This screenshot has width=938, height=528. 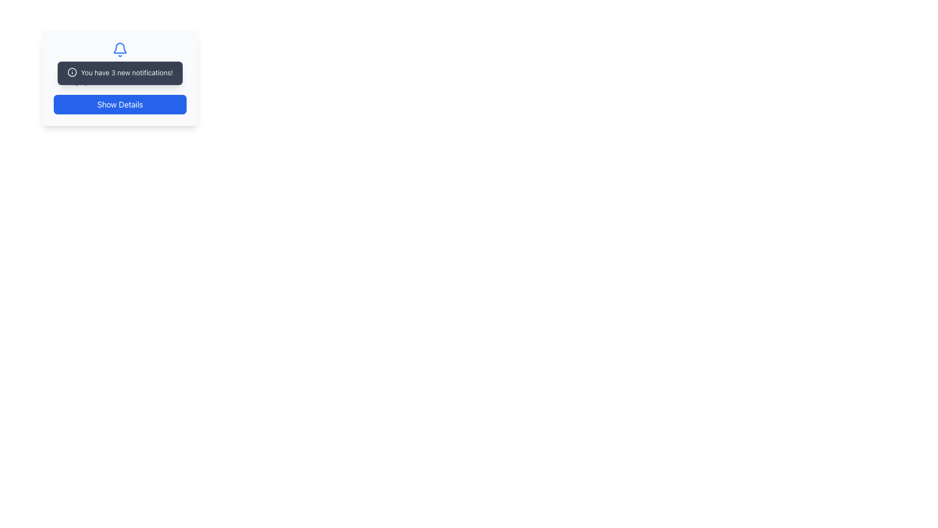 What do you see at coordinates (119, 49) in the screenshot?
I see `the notification icon that serves as a visual indicator for alerts, positioned centrally above the 'Notification Center' and related text labels` at bounding box center [119, 49].